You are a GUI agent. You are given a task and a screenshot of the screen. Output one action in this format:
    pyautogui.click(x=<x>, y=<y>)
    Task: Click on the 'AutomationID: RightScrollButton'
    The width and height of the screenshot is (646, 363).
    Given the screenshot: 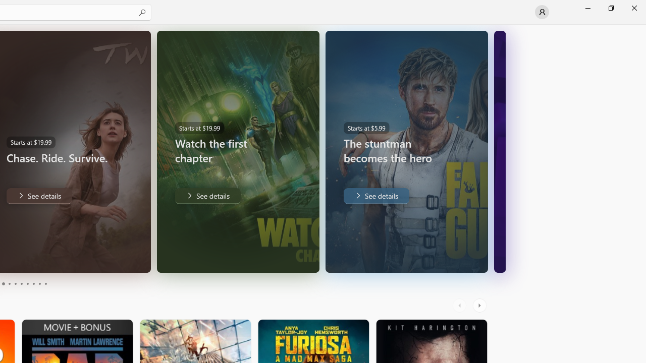 What is the action you would take?
    pyautogui.click(x=480, y=305)
    